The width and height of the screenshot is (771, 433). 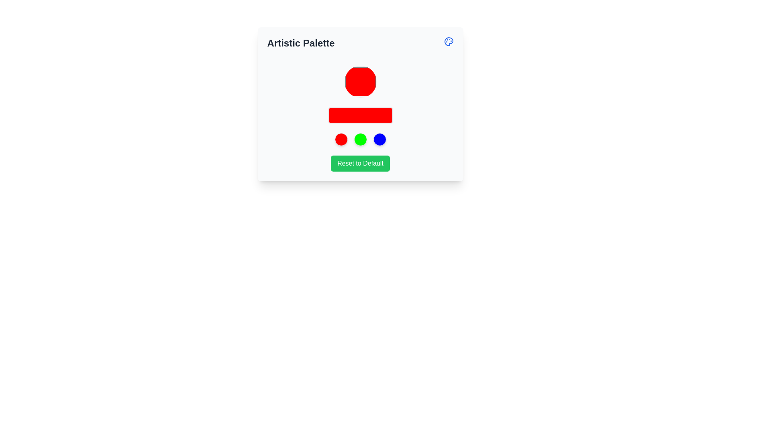 What do you see at coordinates (448, 42) in the screenshot?
I see `the Decorative SVG icon resembling a painter's palette located in the top-right corner of the card with the text 'Artistic Palette'` at bounding box center [448, 42].